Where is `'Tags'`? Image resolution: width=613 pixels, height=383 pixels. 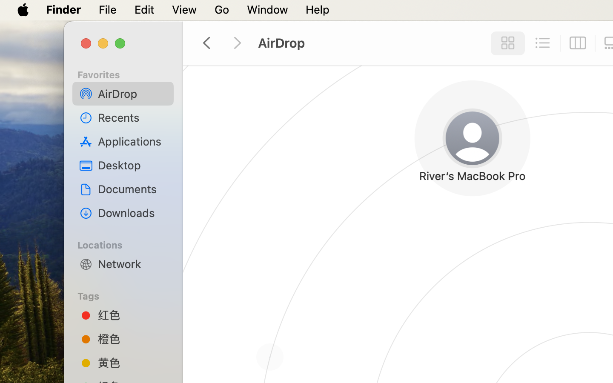 'Tags' is located at coordinates (127, 294).